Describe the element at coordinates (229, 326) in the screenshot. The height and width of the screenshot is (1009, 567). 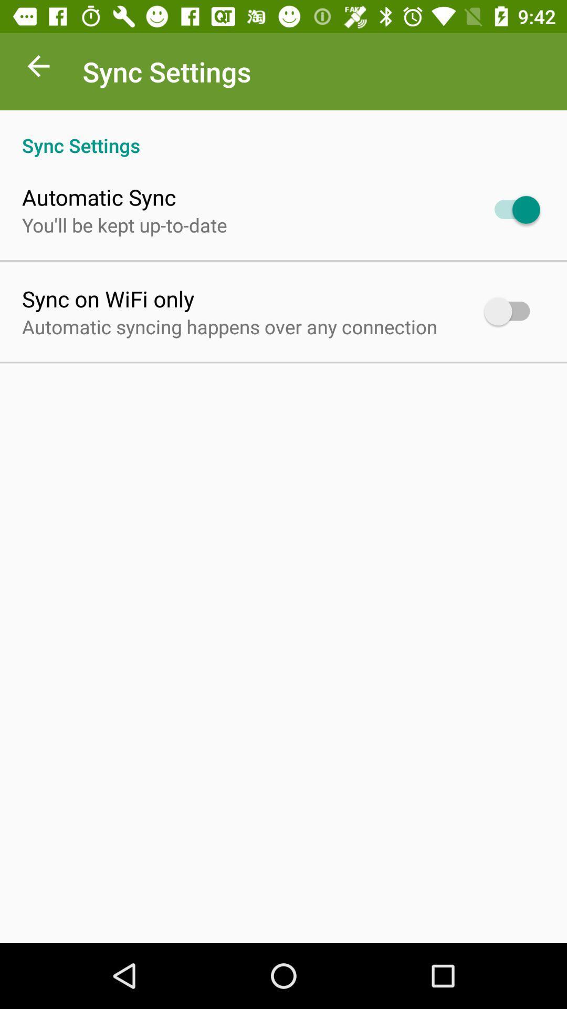
I see `automatic syncing happens` at that location.